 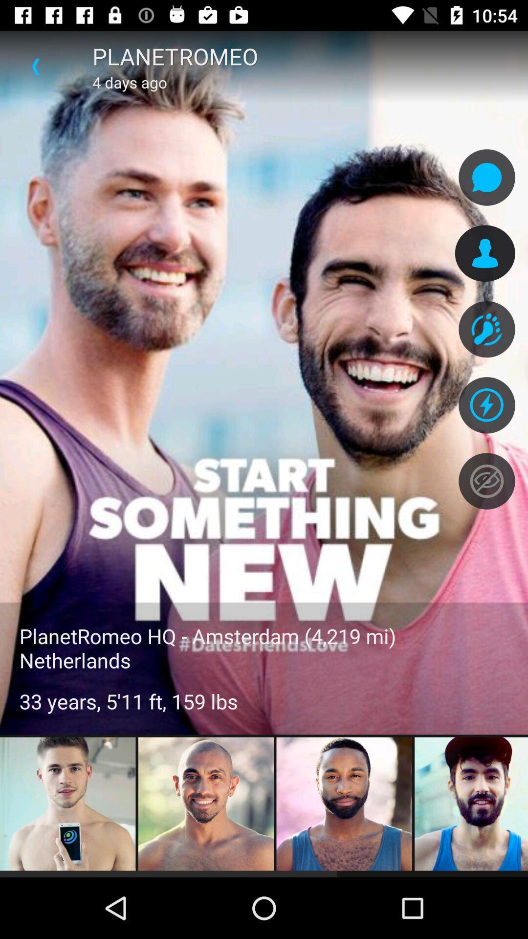 What do you see at coordinates (35, 66) in the screenshot?
I see `item next to the planetromeo icon` at bounding box center [35, 66].